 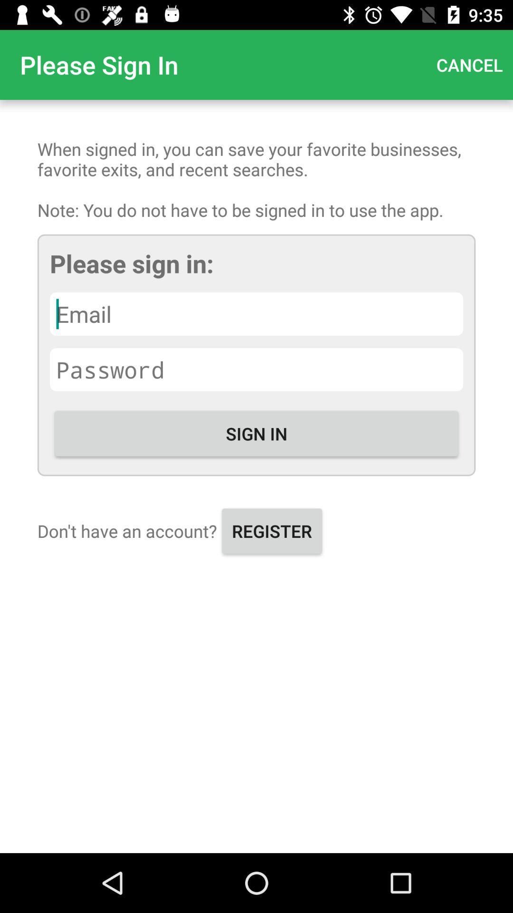 What do you see at coordinates (469, 64) in the screenshot?
I see `cancel icon` at bounding box center [469, 64].